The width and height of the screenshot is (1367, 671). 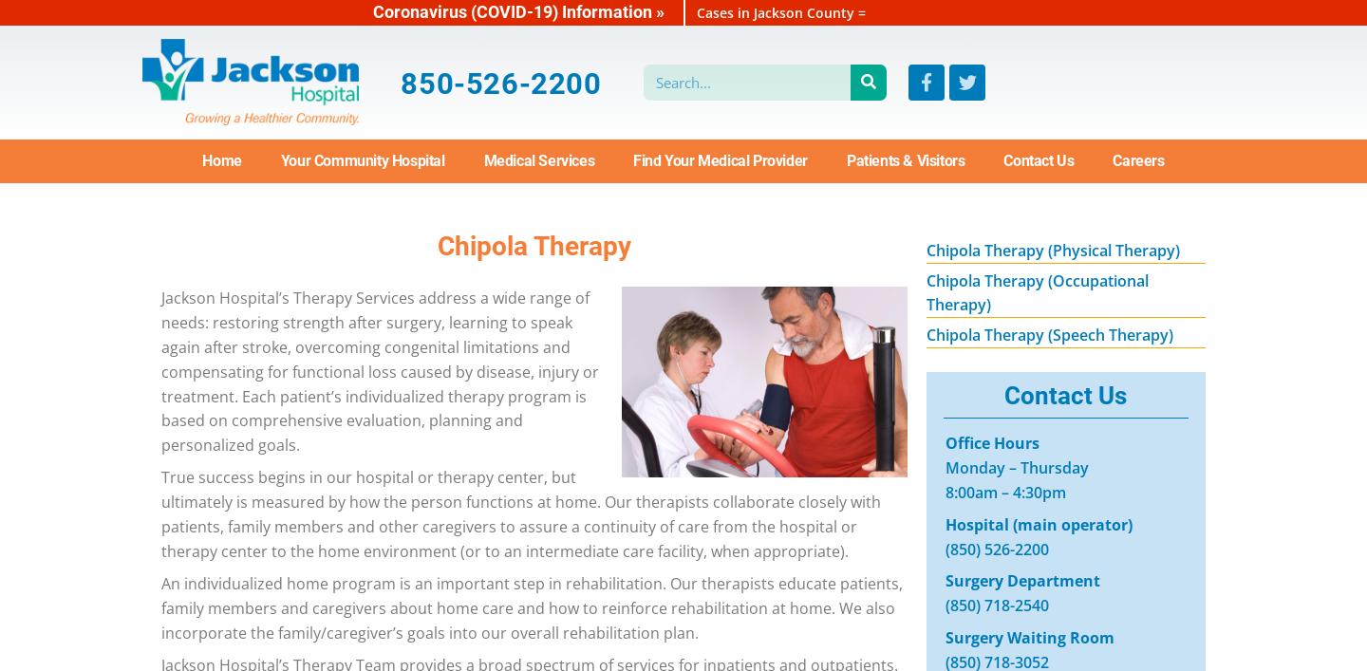 I want to click on 'True success begins in our hospital or therapy center, but ultimately is measured by how the person functions at home. Our therapists collaborate closely with patients, family members and other caregivers to assure a continuity of care from the hospital or therapy center to the home environment (or to an intermediate care facility, when appropriate).', so click(x=521, y=513).